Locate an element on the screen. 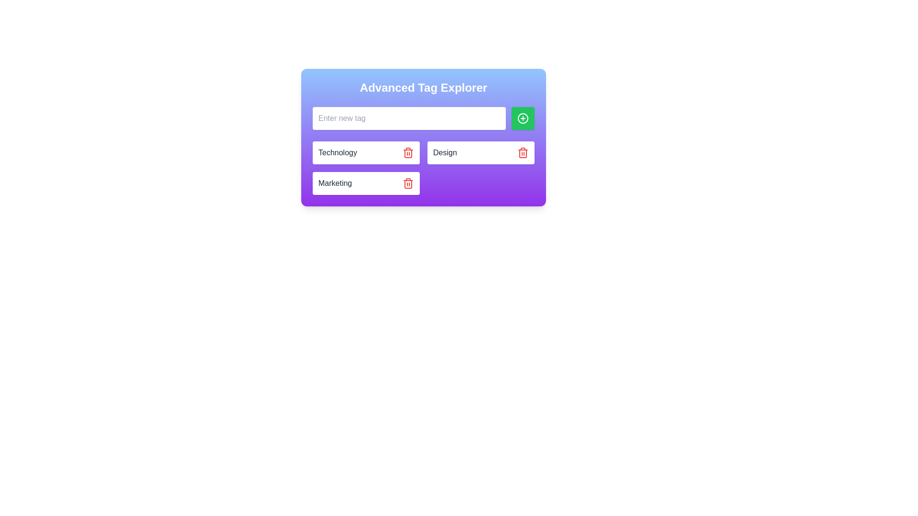 This screenshot has height=516, width=918. text label located at the top of the card section, which serves as the title or header for the content within the card is located at coordinates (423, 88).